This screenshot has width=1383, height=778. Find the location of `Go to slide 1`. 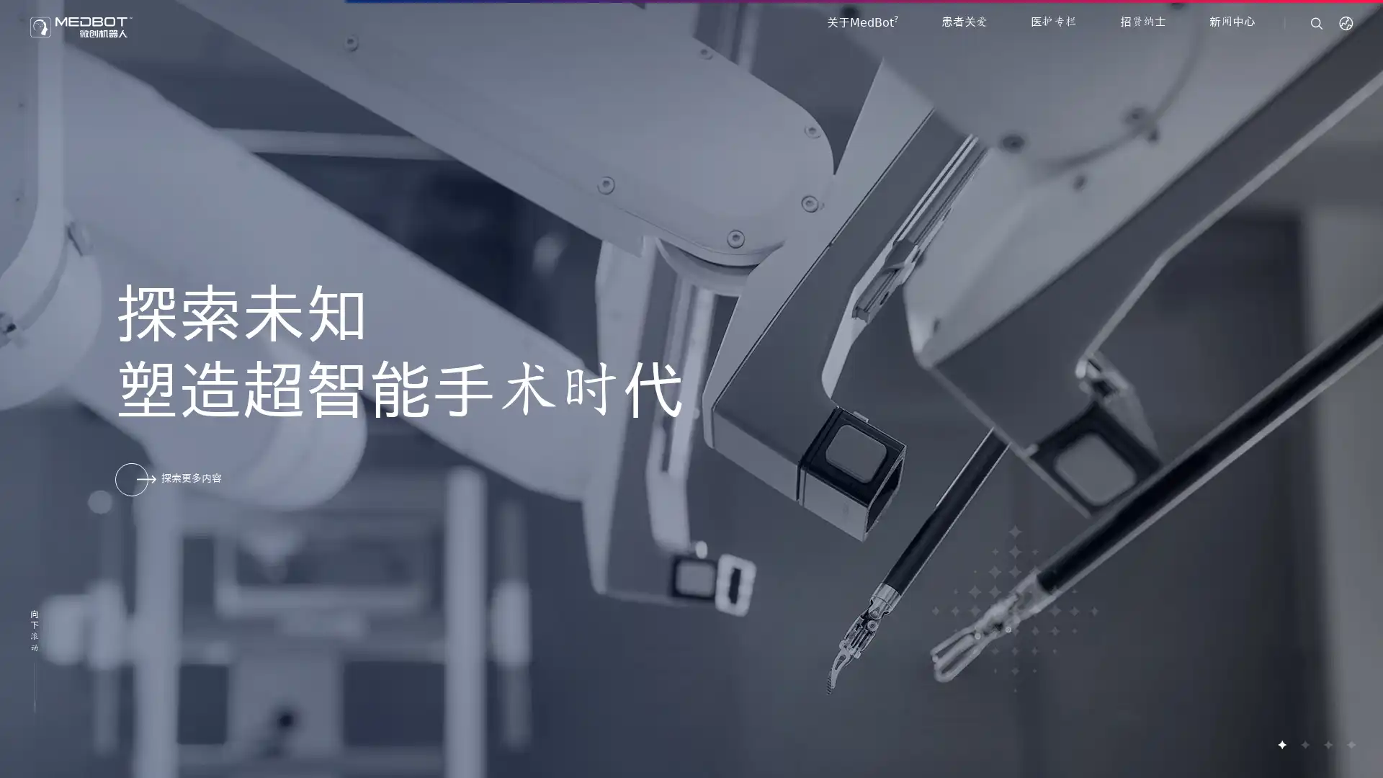

Go to slide 1 is located at coordinates (1281, 744).